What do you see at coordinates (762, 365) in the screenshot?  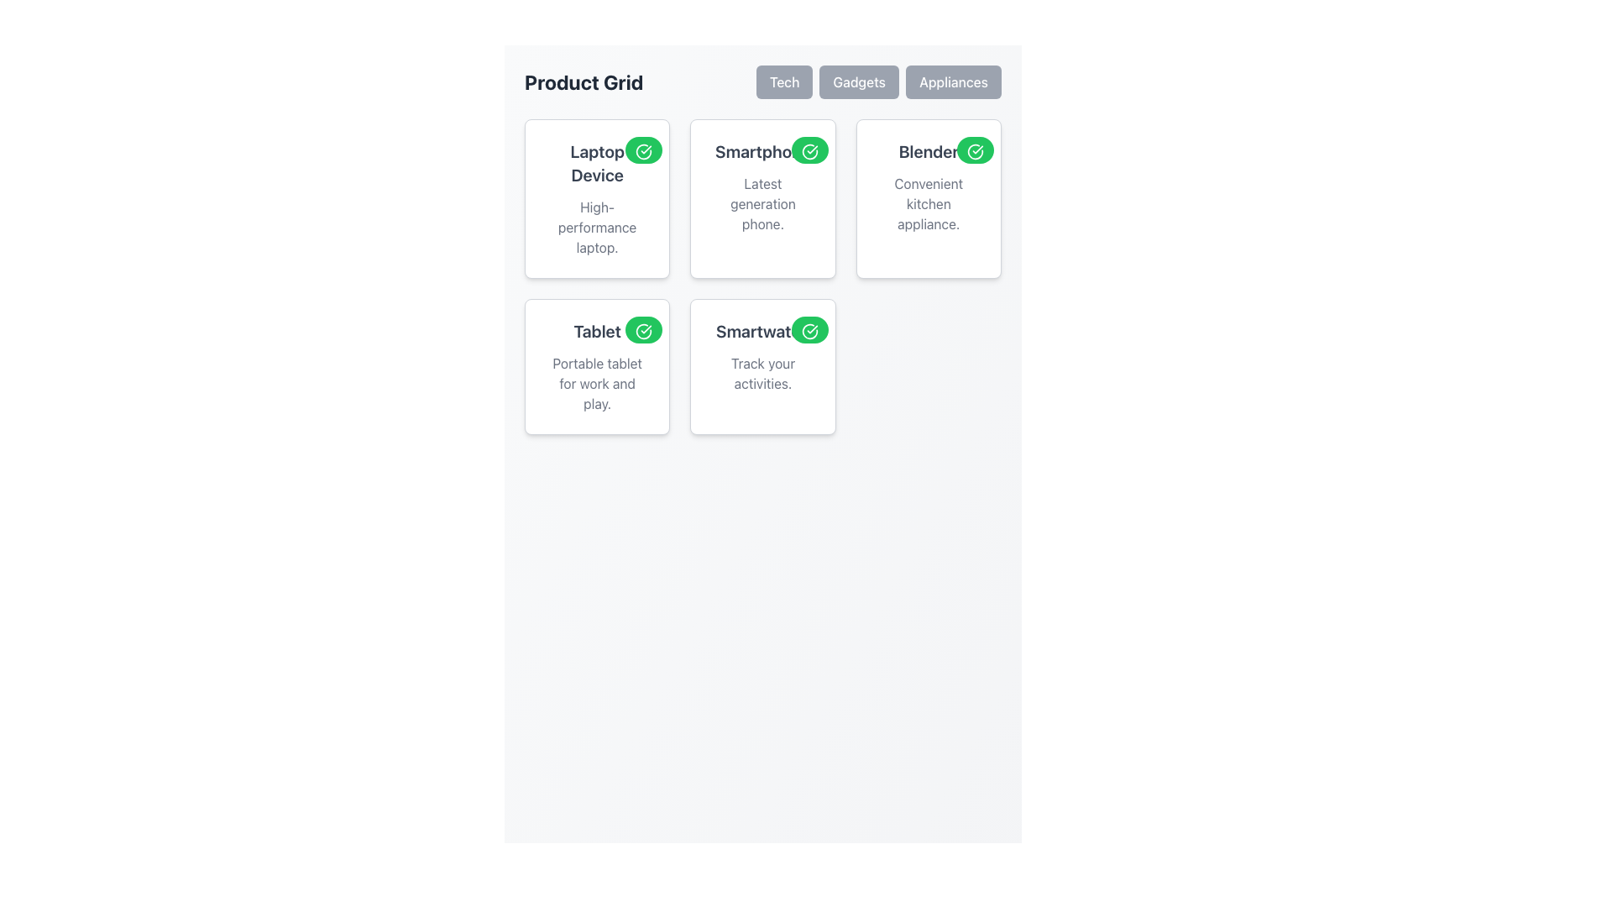 I see `the Card component with a white background, rounded corners, and the title 'Smartwatch' located in the second column of the second row of the grid layout` at bounding box center [762, 365].